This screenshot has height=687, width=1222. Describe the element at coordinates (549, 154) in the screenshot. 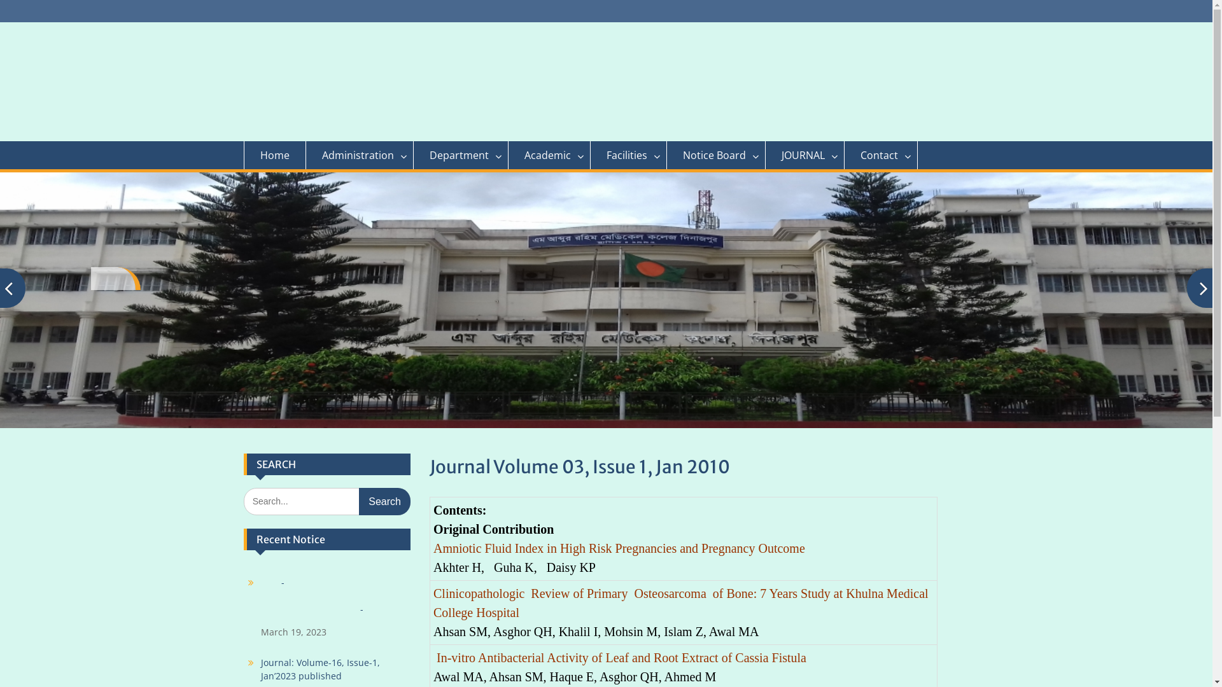

I see `'Academic'` at that location.